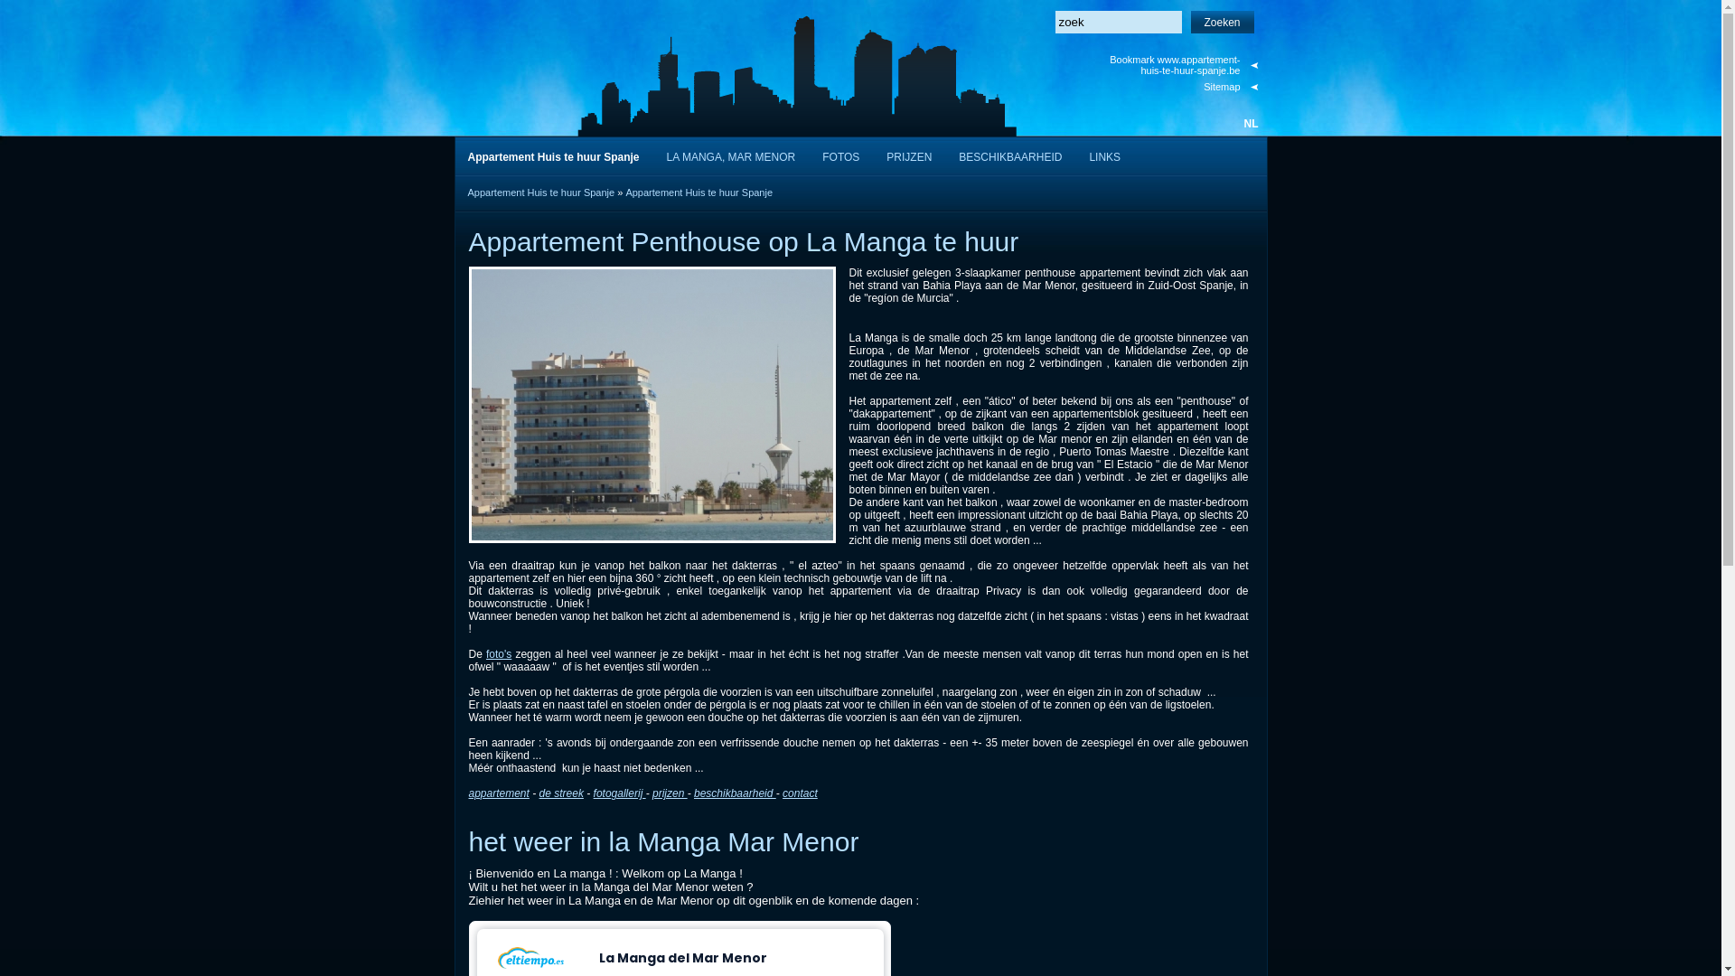  Describe the element at coordinates (1223, 22) in the screenshot. I see `'Zoeken'` at that location.